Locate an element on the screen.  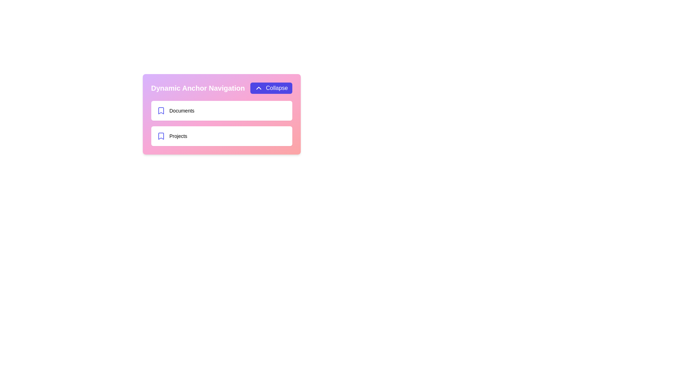
the prominently styled text label reading 'Dynamic Anchor Navigation' if it is interactive in the current context is located at coordinates (197, 88).